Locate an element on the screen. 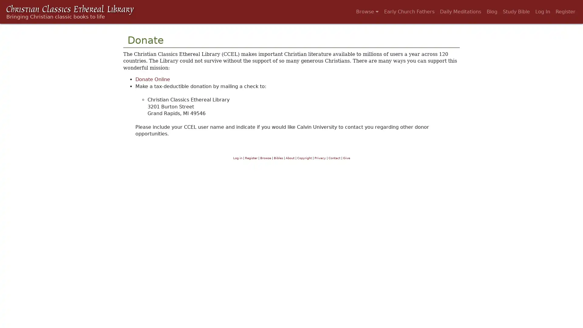  Daily Meditations is located at coordinates (460, 12).